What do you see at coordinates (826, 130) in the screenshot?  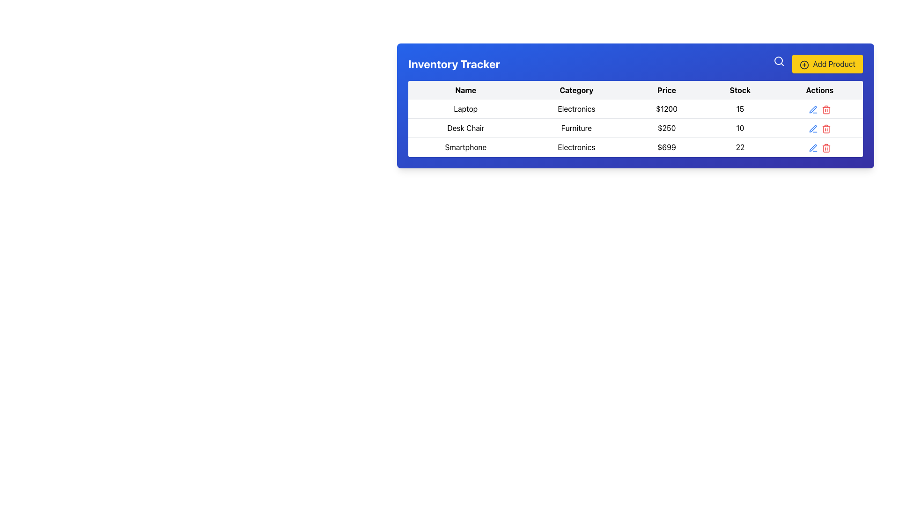 I see `the rectangular trash bin icon located in the 'Actions' column of the data table` at bounding box center [826, 130].